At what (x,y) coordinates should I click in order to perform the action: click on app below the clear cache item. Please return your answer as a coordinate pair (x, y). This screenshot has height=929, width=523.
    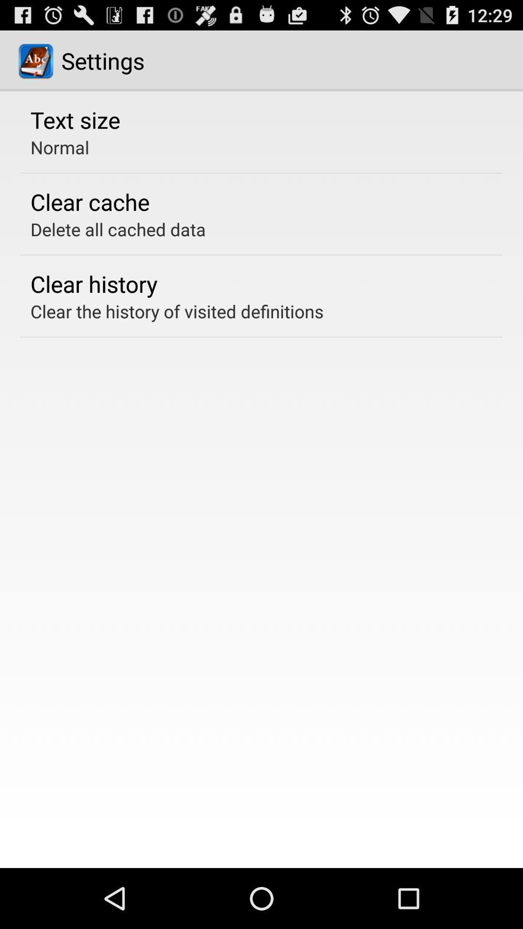
    Looking at the image, I should click on (118, 229).